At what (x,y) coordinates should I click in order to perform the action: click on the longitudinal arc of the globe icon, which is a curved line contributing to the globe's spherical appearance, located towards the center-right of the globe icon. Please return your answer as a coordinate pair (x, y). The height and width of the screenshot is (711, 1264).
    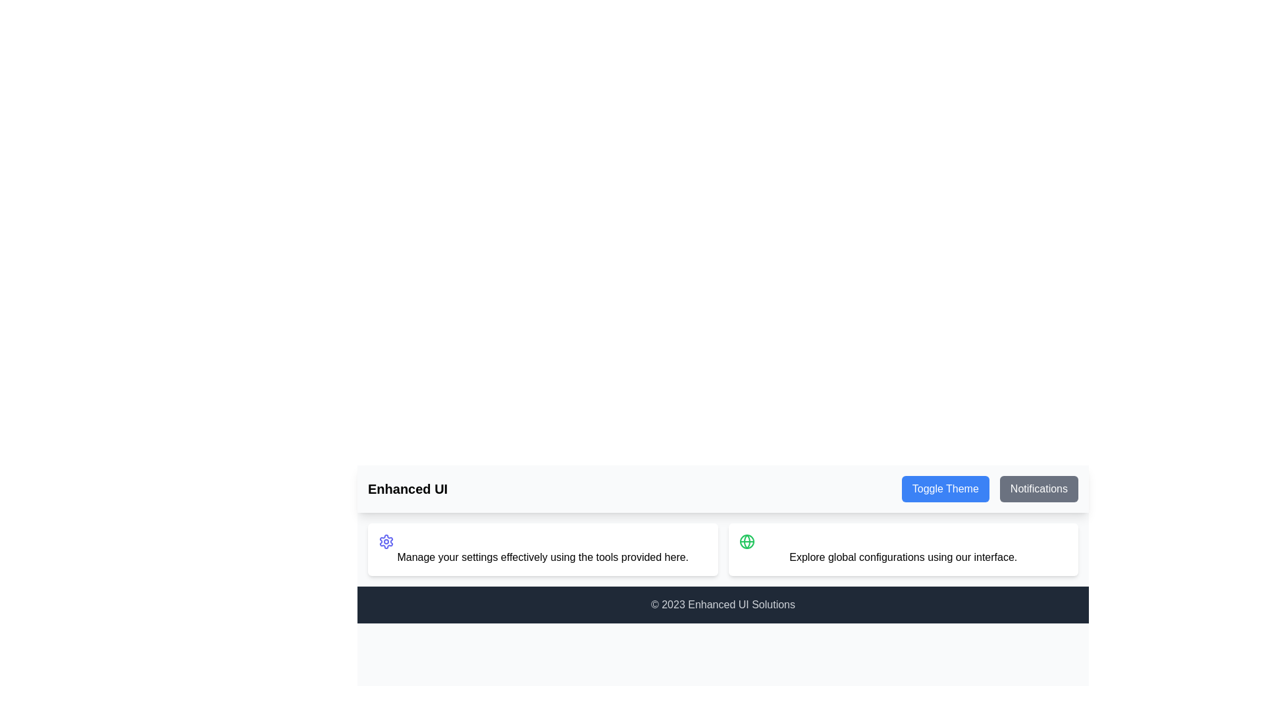
    Looking at the image, I should click on (747, 541).